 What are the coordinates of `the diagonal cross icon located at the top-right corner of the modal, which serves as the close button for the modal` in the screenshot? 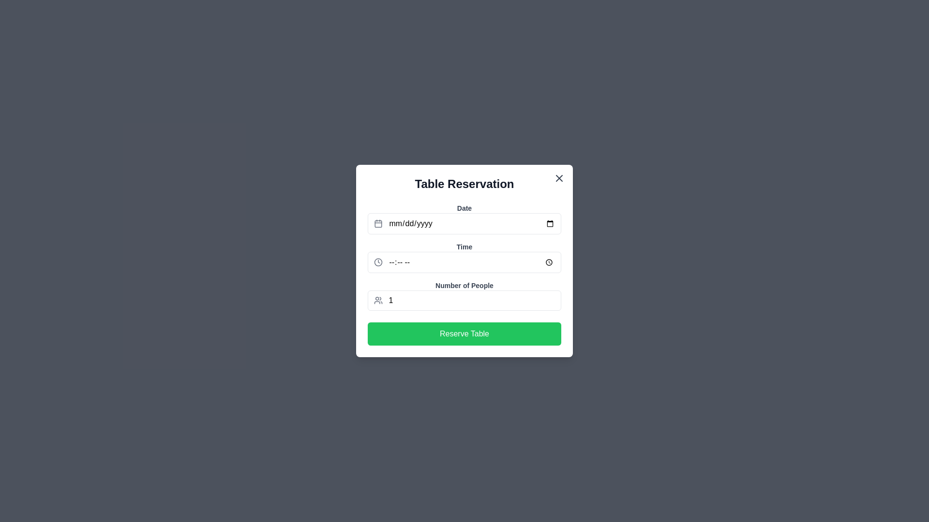 It's located at (559, 178).